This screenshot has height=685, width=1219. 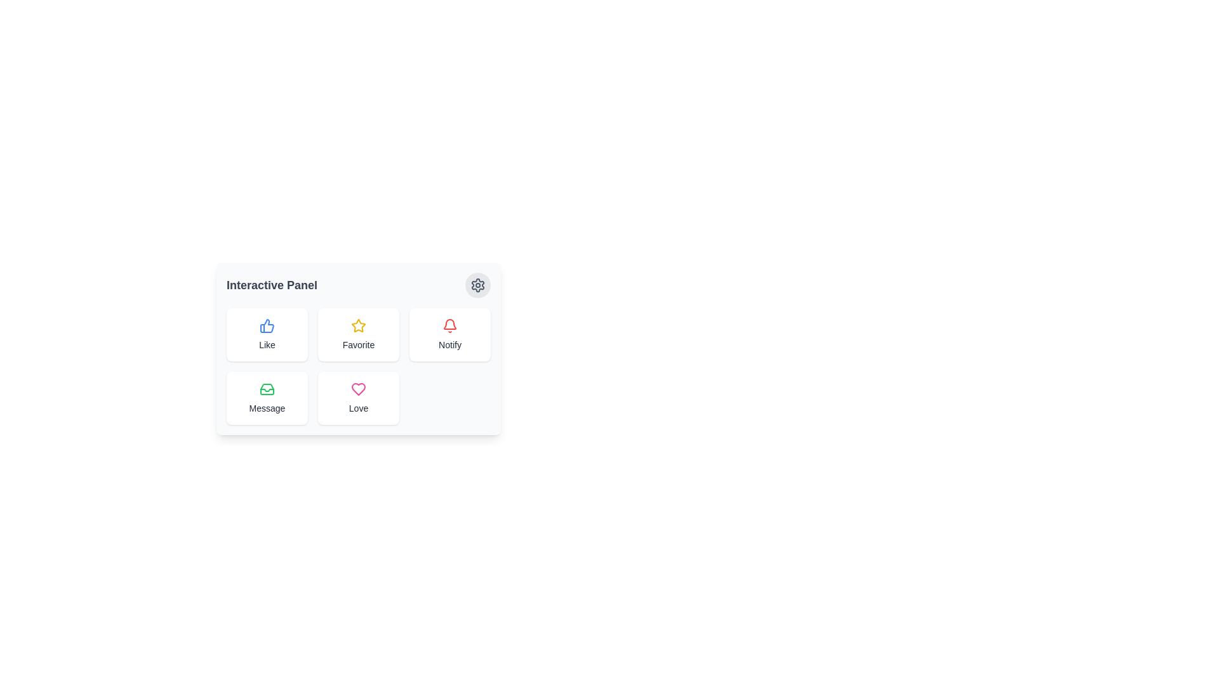 I want to click on the 'Message' icon located, so click(x=267, y=388).